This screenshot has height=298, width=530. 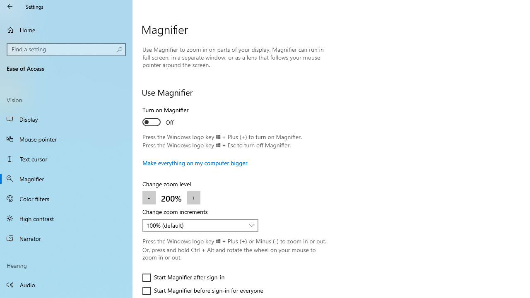 What do you see at coordinates (66, 284) in the screenshot?
I see `'Audio'` at bounding box center [66, 284].